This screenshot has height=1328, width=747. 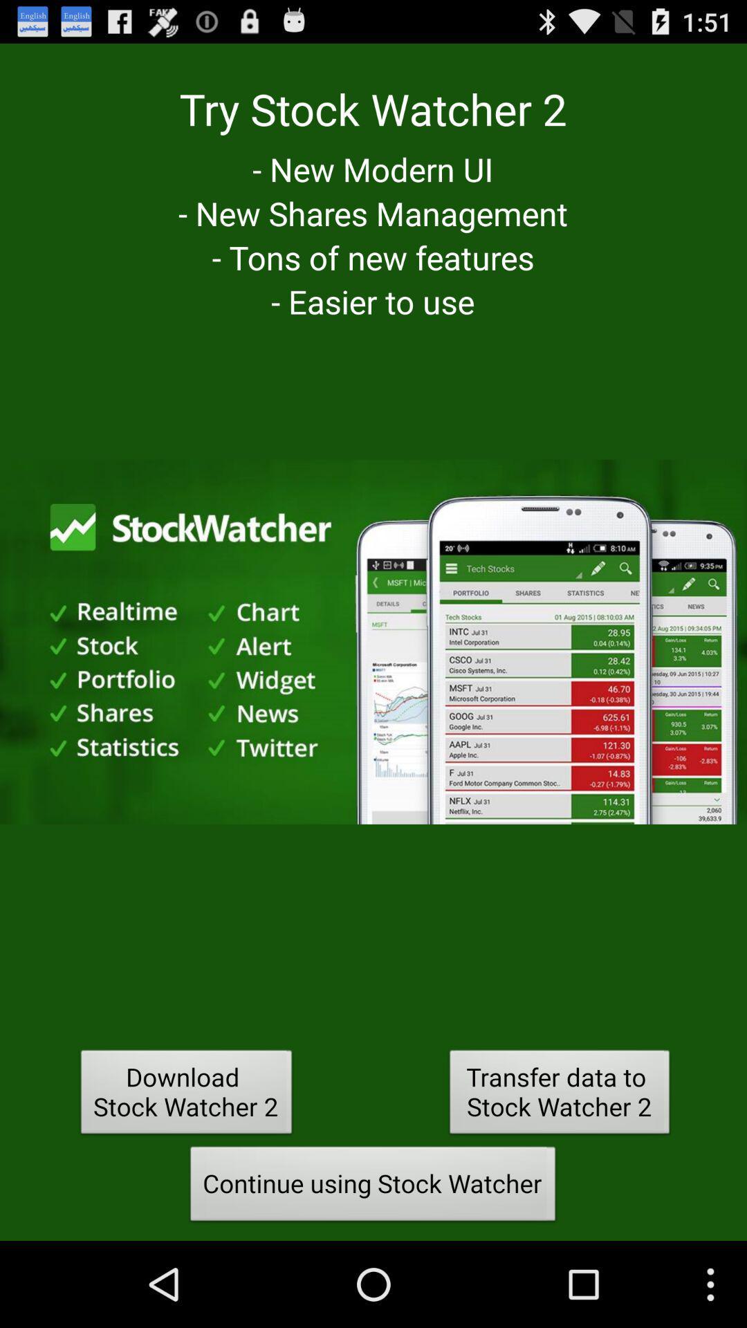 I want to click on the continue using stock at the bottom, so click(x=372, y=1187).